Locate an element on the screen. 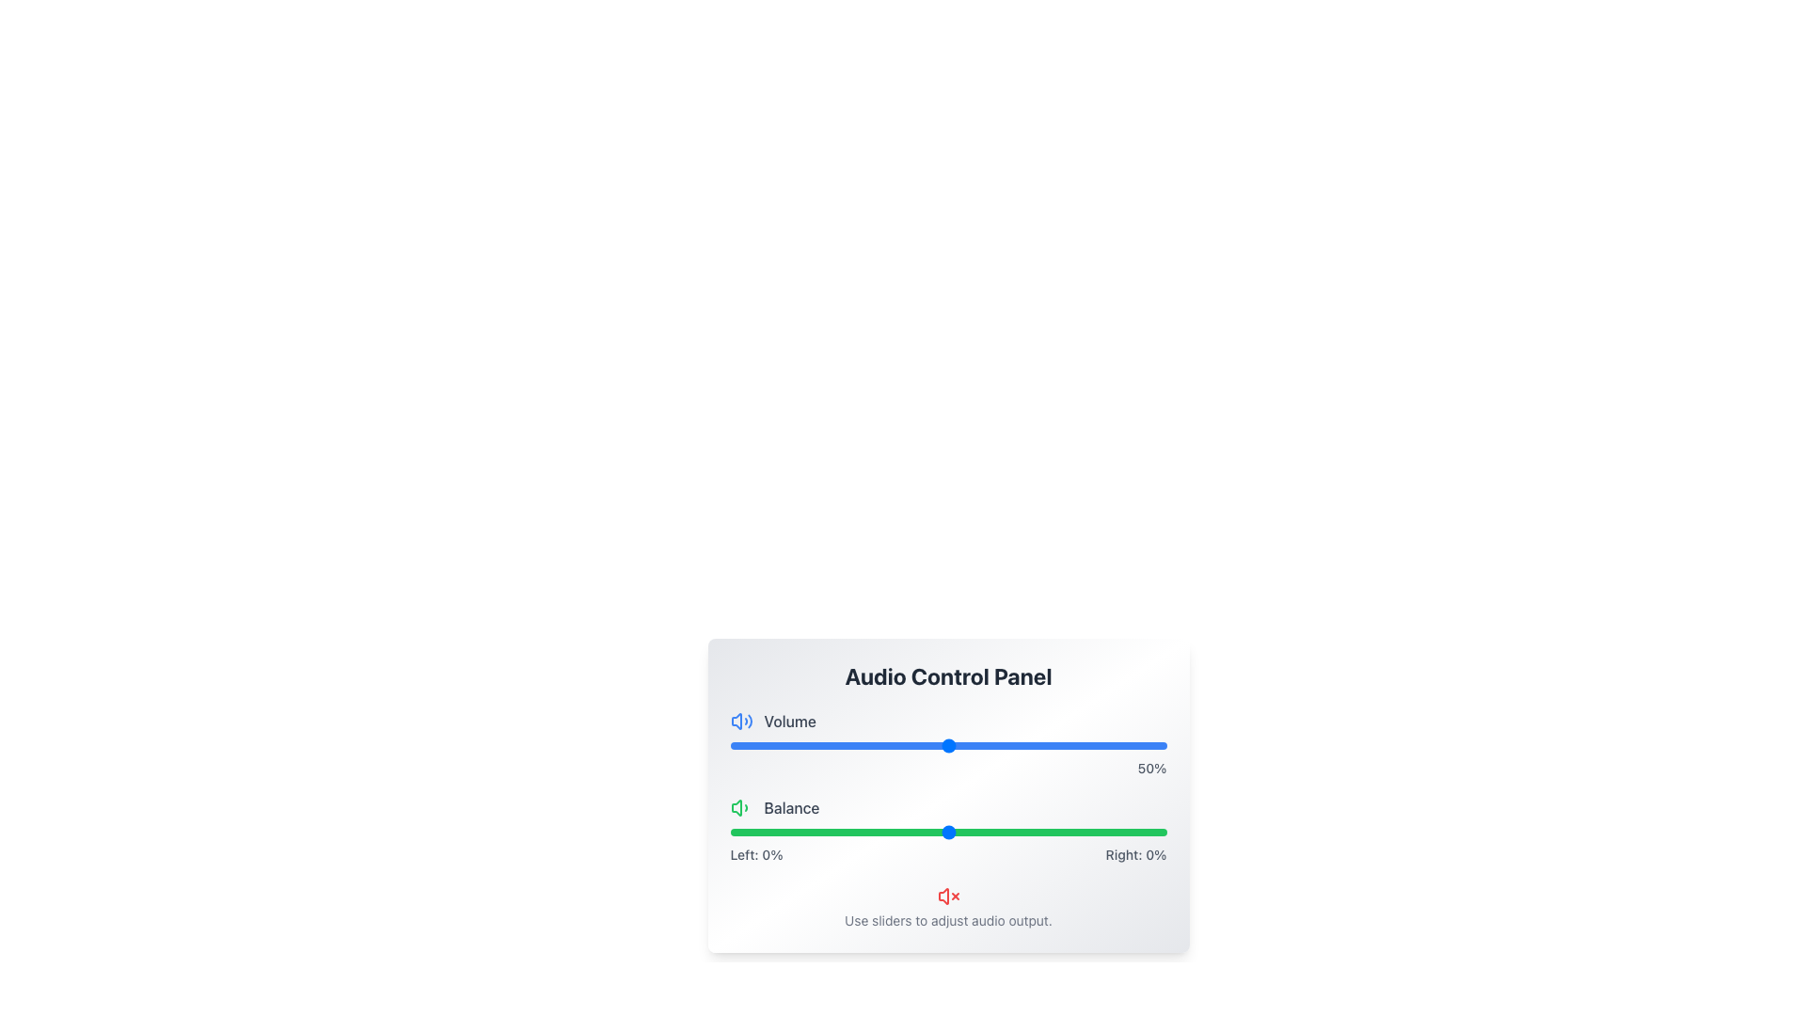  the balance is located at coordinates (935, 831).